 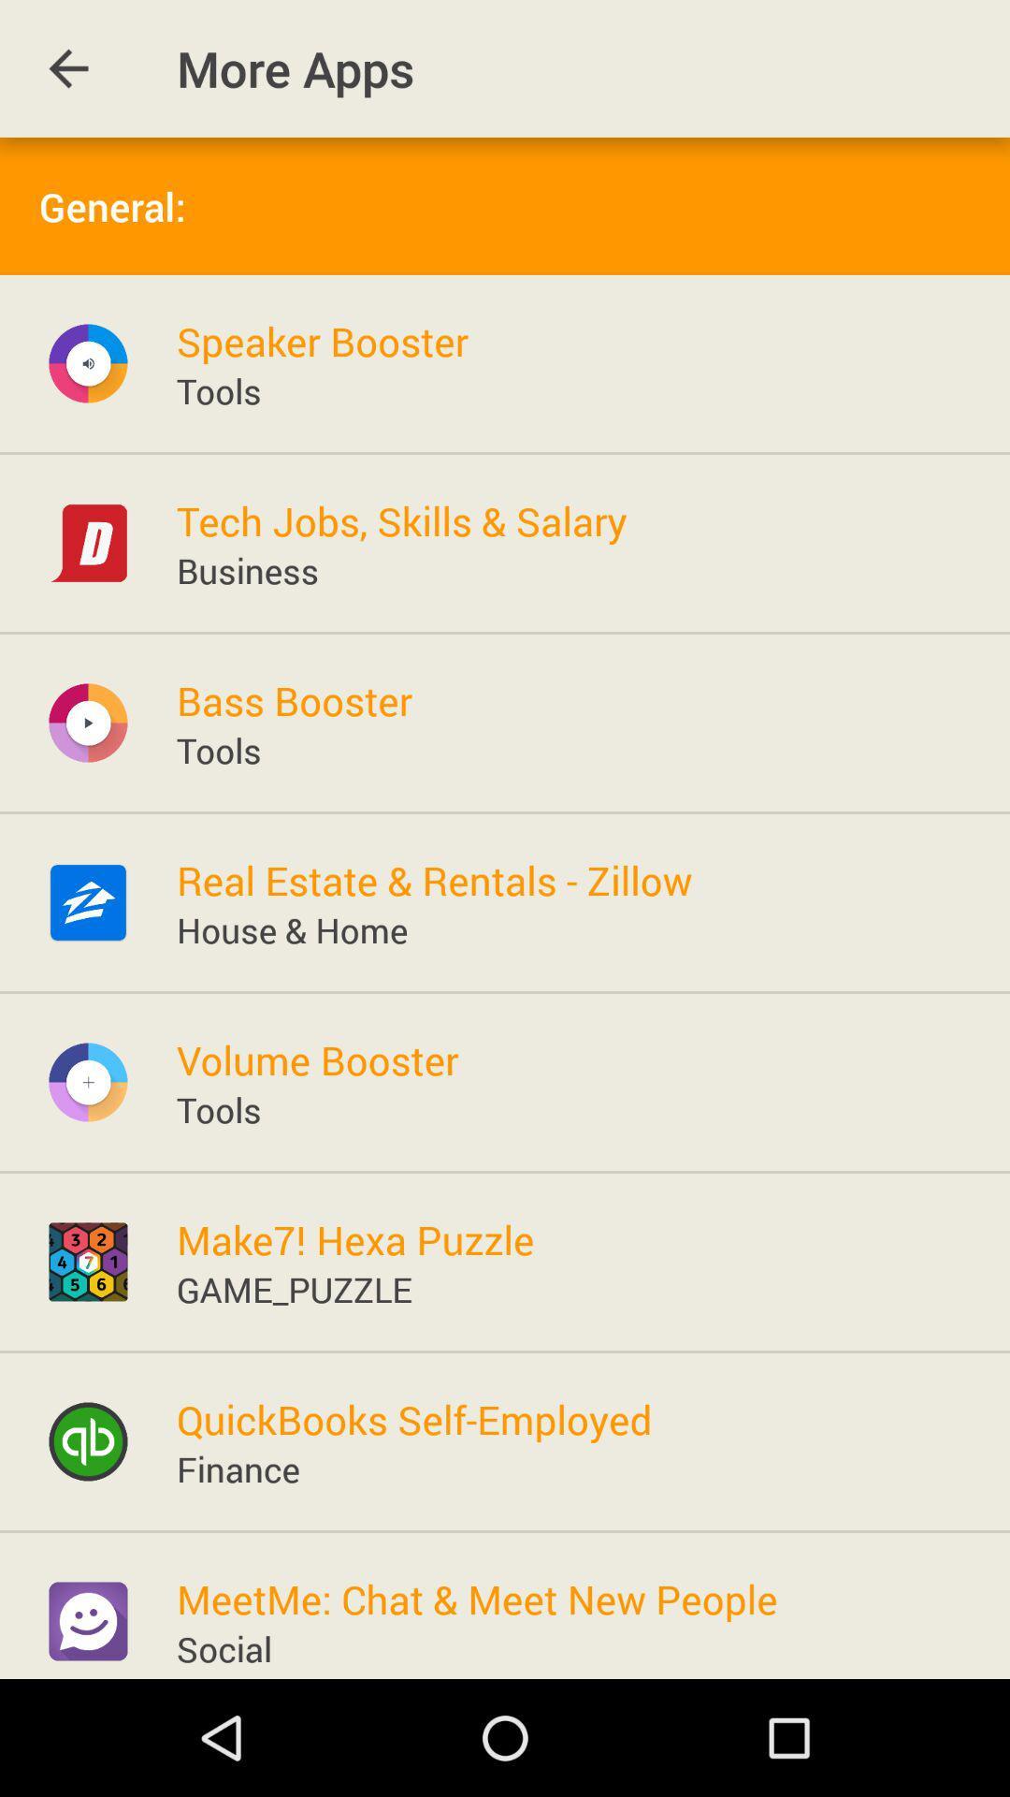 I want to click on the icon below the business icon, so click(x=295, y=699).